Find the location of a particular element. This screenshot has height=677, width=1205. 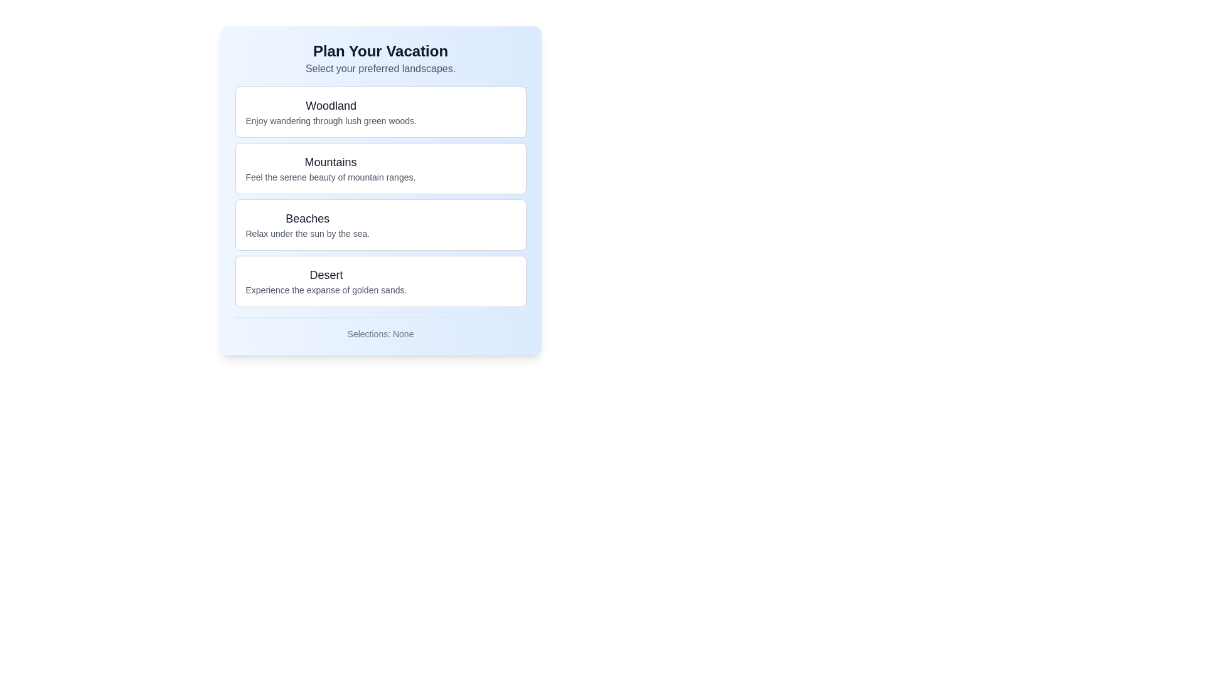

the static text providing additional information about the 'Mountains' option in the vacation selection layout, which is positioned directly below the 'Mountains' text is located at coordinates (330, 177).